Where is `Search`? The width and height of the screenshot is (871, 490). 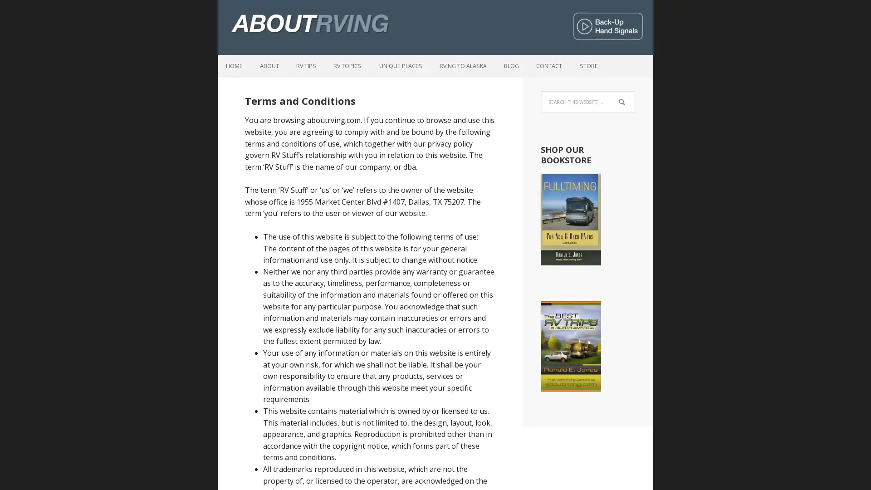 Search is located at coordinates (634, 95).